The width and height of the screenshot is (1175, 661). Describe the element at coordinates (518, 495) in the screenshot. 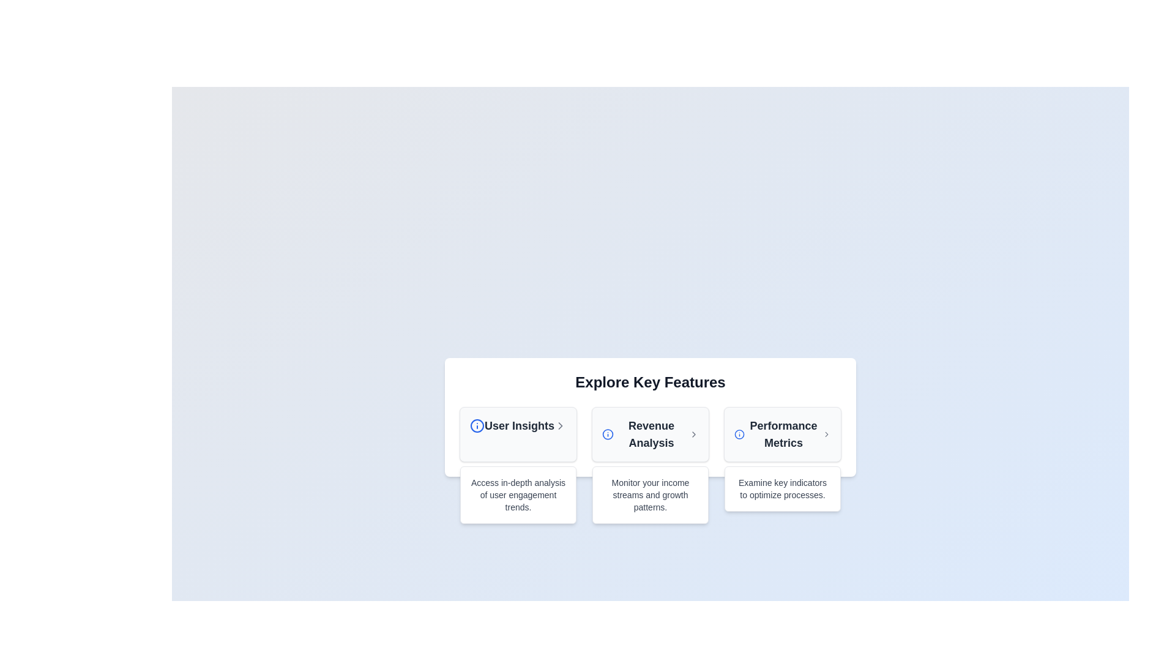

I see `the text label displaying 'Access in-depth analysis of user engagement trends.' located below the 'User Insights' section` at that location.